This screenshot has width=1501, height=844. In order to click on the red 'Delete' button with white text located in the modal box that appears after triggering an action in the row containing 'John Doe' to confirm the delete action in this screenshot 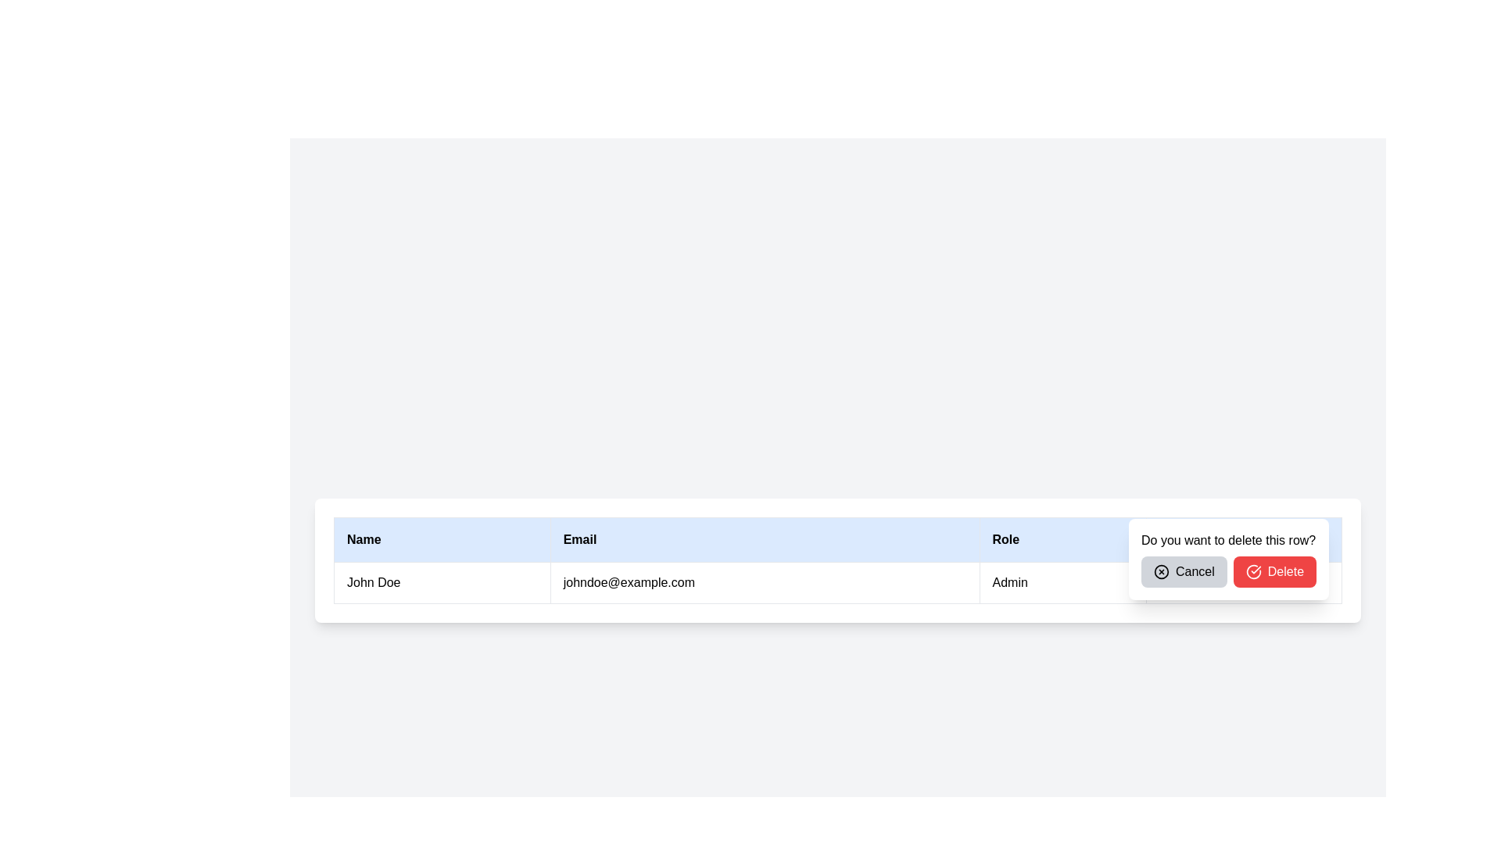, I will do `click(1243, 582)`.